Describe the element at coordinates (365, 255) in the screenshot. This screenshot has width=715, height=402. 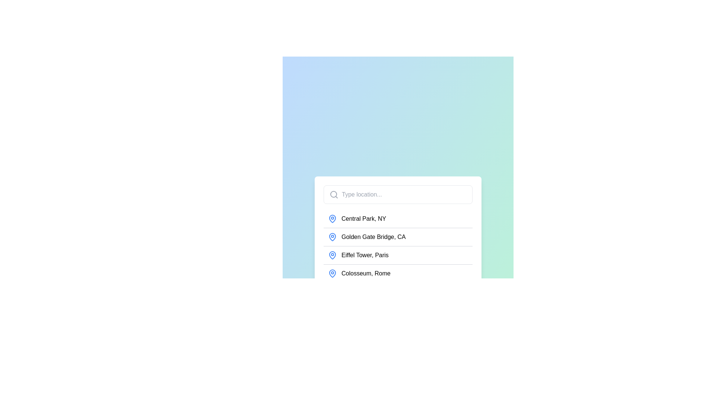
I see `the text label displaying 'Eiffel Tower, Paris', which is the third item in a vertical list of locations` at that location.